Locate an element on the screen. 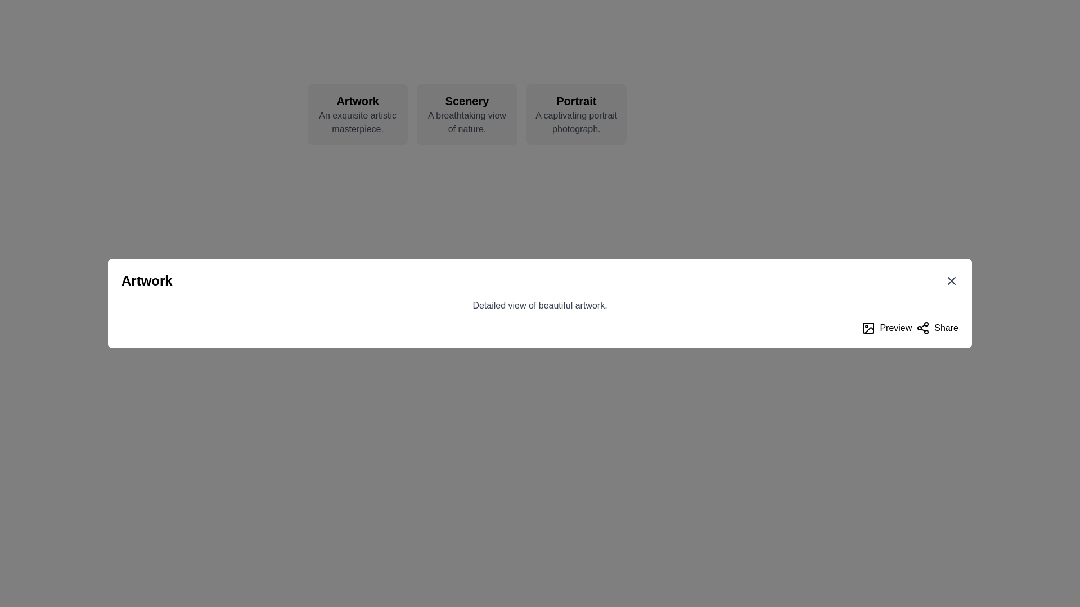 This screenshot has width=1080, height=607. the diagonal line segment of the SVG vector graphic located in the bottom right corner of the interface, which is part of an image or photograph icon is located at coordinates (868, 330).